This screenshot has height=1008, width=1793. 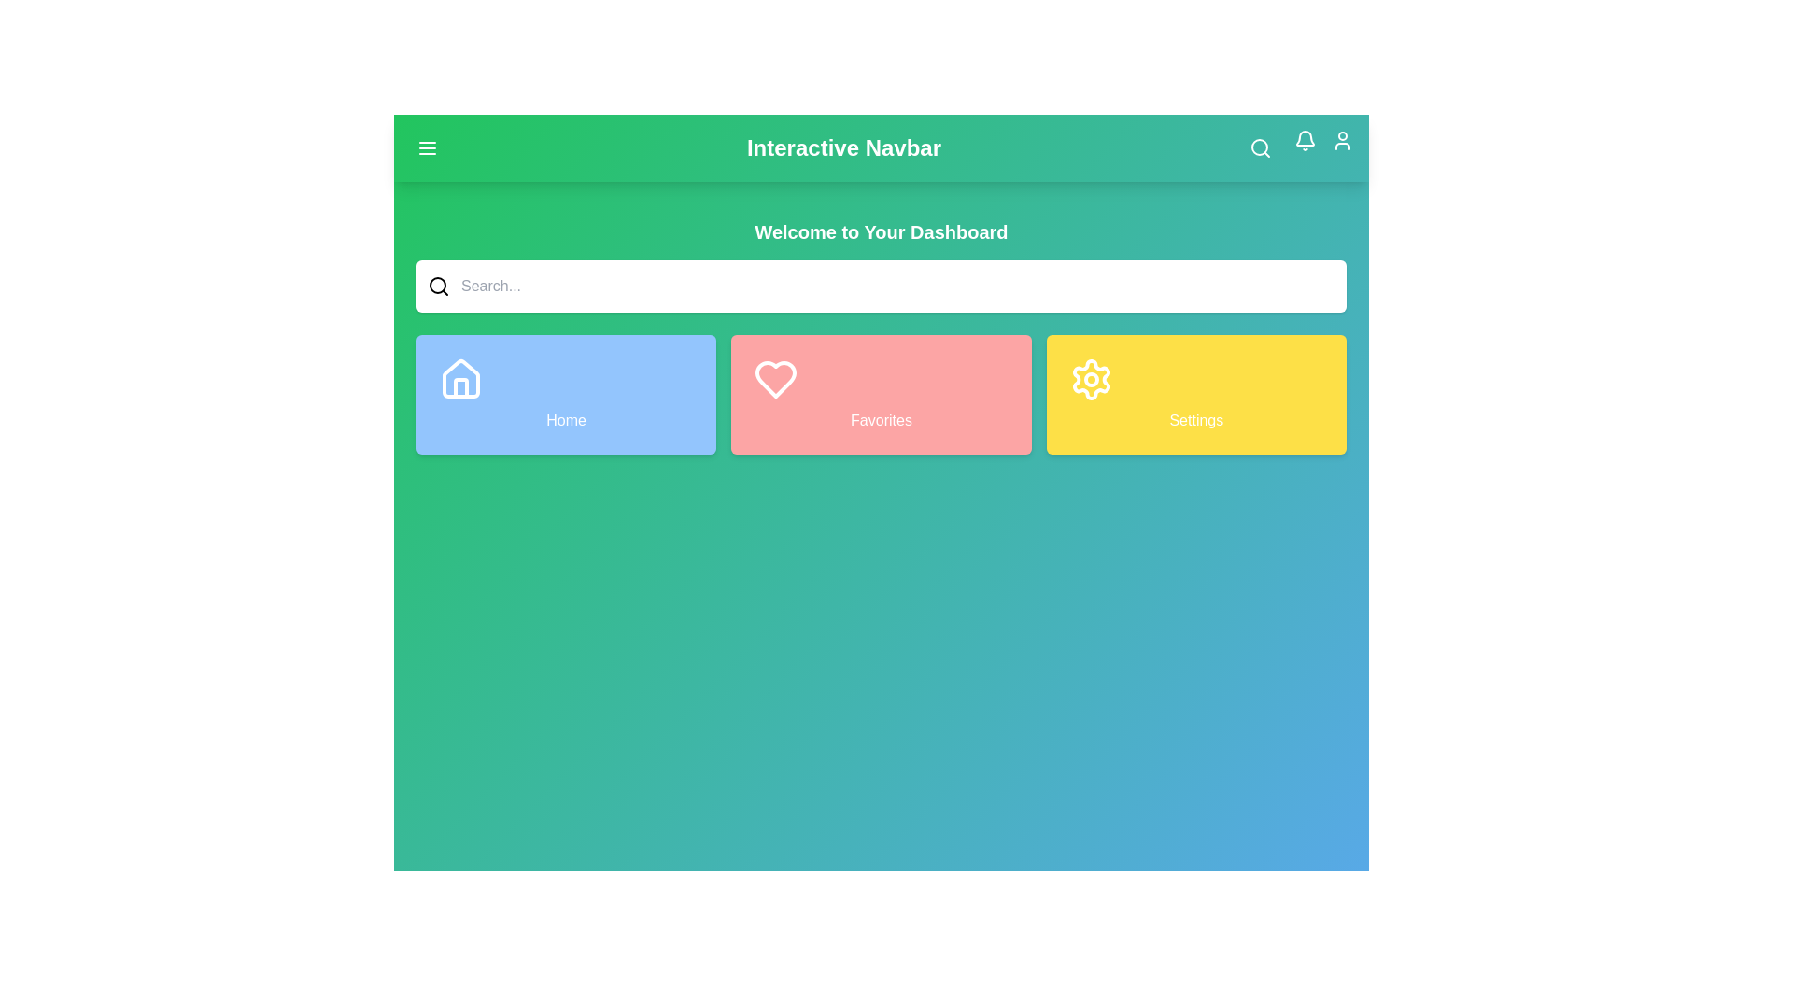 What do you see at coordinates (879, 394) in the screenshot?
I see `the Favorites card` at bounding box center [879, 394].